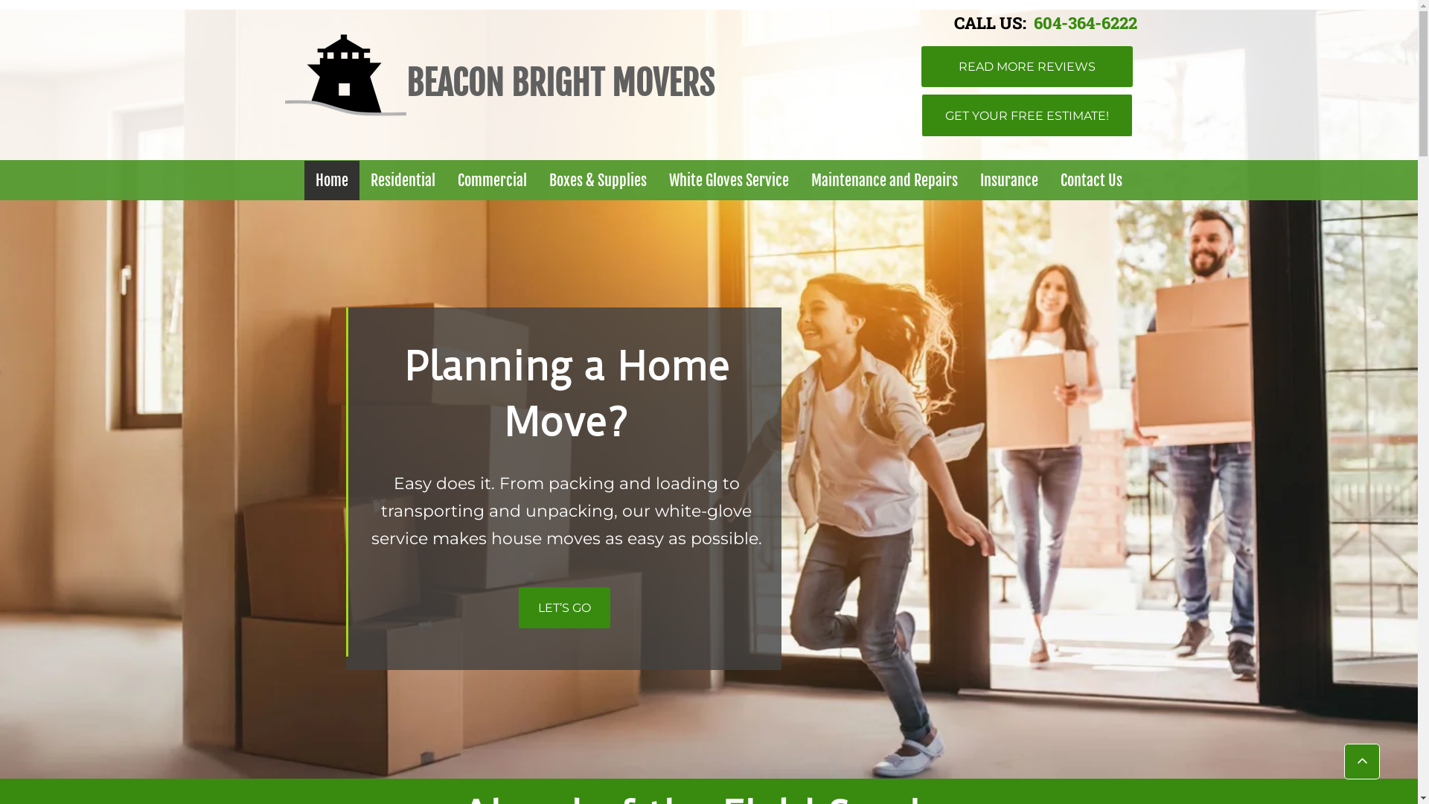 The height and width of the screenshot is (804, 1429). Describe the element at coordinates (331, 179) in the screenshot. I see `'Home'` at that location.